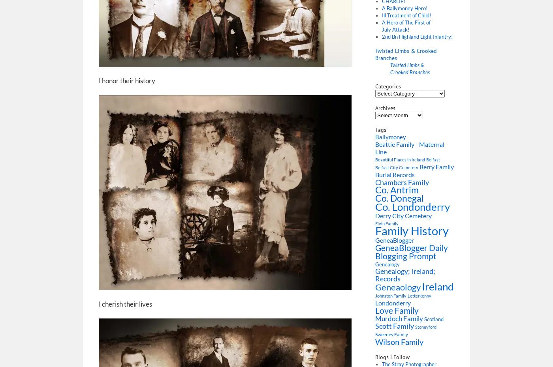 The image size is (553, 367). What do you see at coordinates (399, 318) in the screenshot?
I see `'Murdoch Family'` at bounding box center [399, 318].